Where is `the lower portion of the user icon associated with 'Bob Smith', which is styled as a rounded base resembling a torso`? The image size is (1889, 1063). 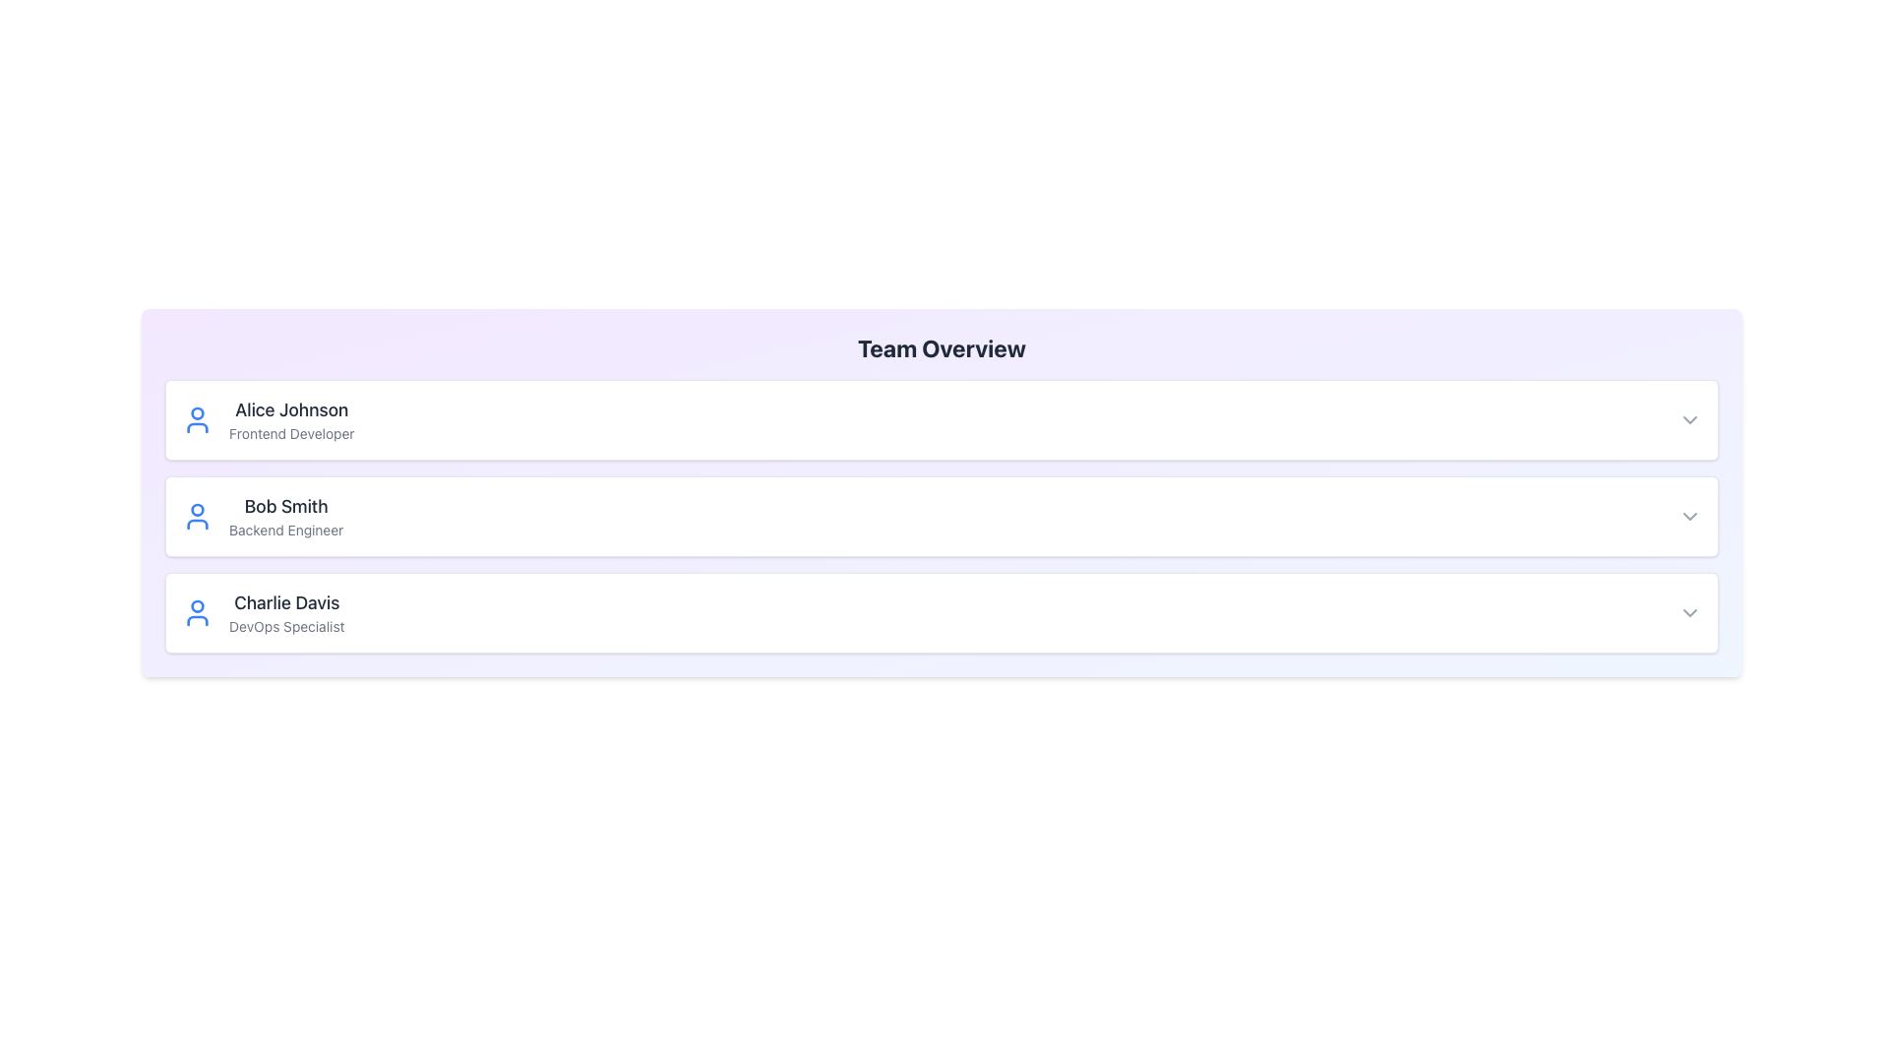
the lower portion of the user icon associated with 'Bob Smith', which is styled as a rounded base resembling a torso is located at coordinates (198, 523).